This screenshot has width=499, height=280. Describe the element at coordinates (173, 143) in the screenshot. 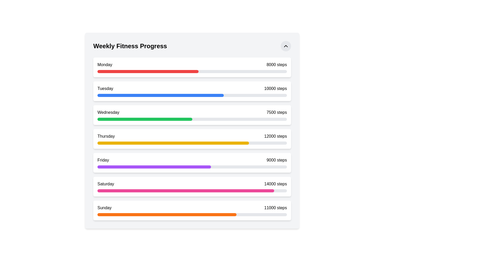

I see `the progress visually by focusing on the progress bar associated with the 'Thursday' label, which represents the completion percentage of fitness tracking for that day` at that location.